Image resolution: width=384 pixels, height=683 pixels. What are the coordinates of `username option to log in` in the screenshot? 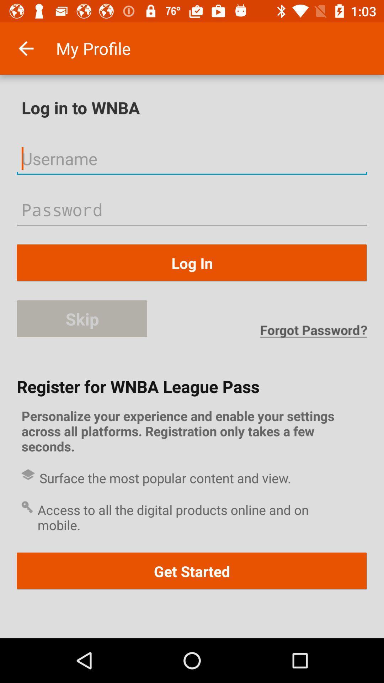 It's located at (192, 158).